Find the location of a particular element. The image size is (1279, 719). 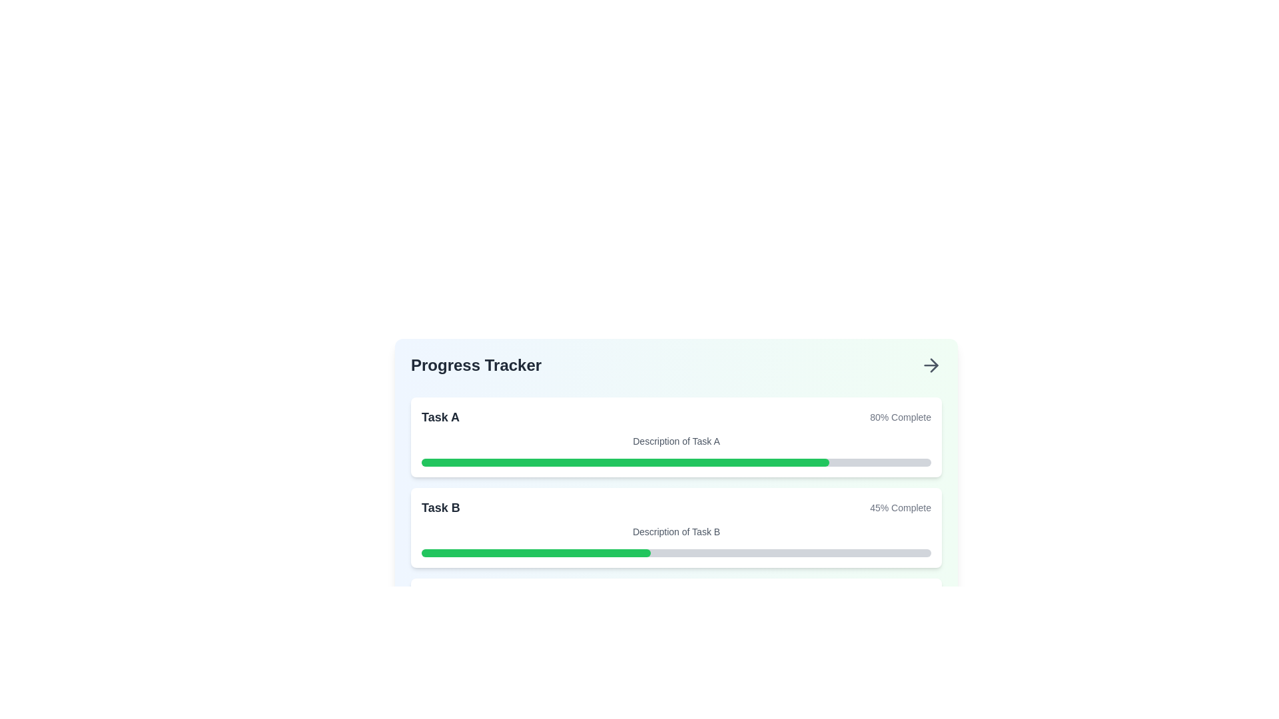

the text label that reads 'Description of Task A', which is positioned below the task title and above the progress bar in the task card for 'Task A' is located at coordinates (676, 441).